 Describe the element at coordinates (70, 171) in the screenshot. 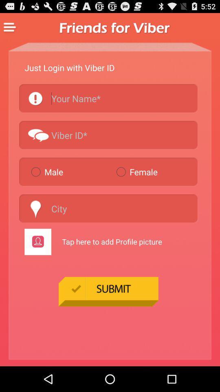

I see `male` at that location.